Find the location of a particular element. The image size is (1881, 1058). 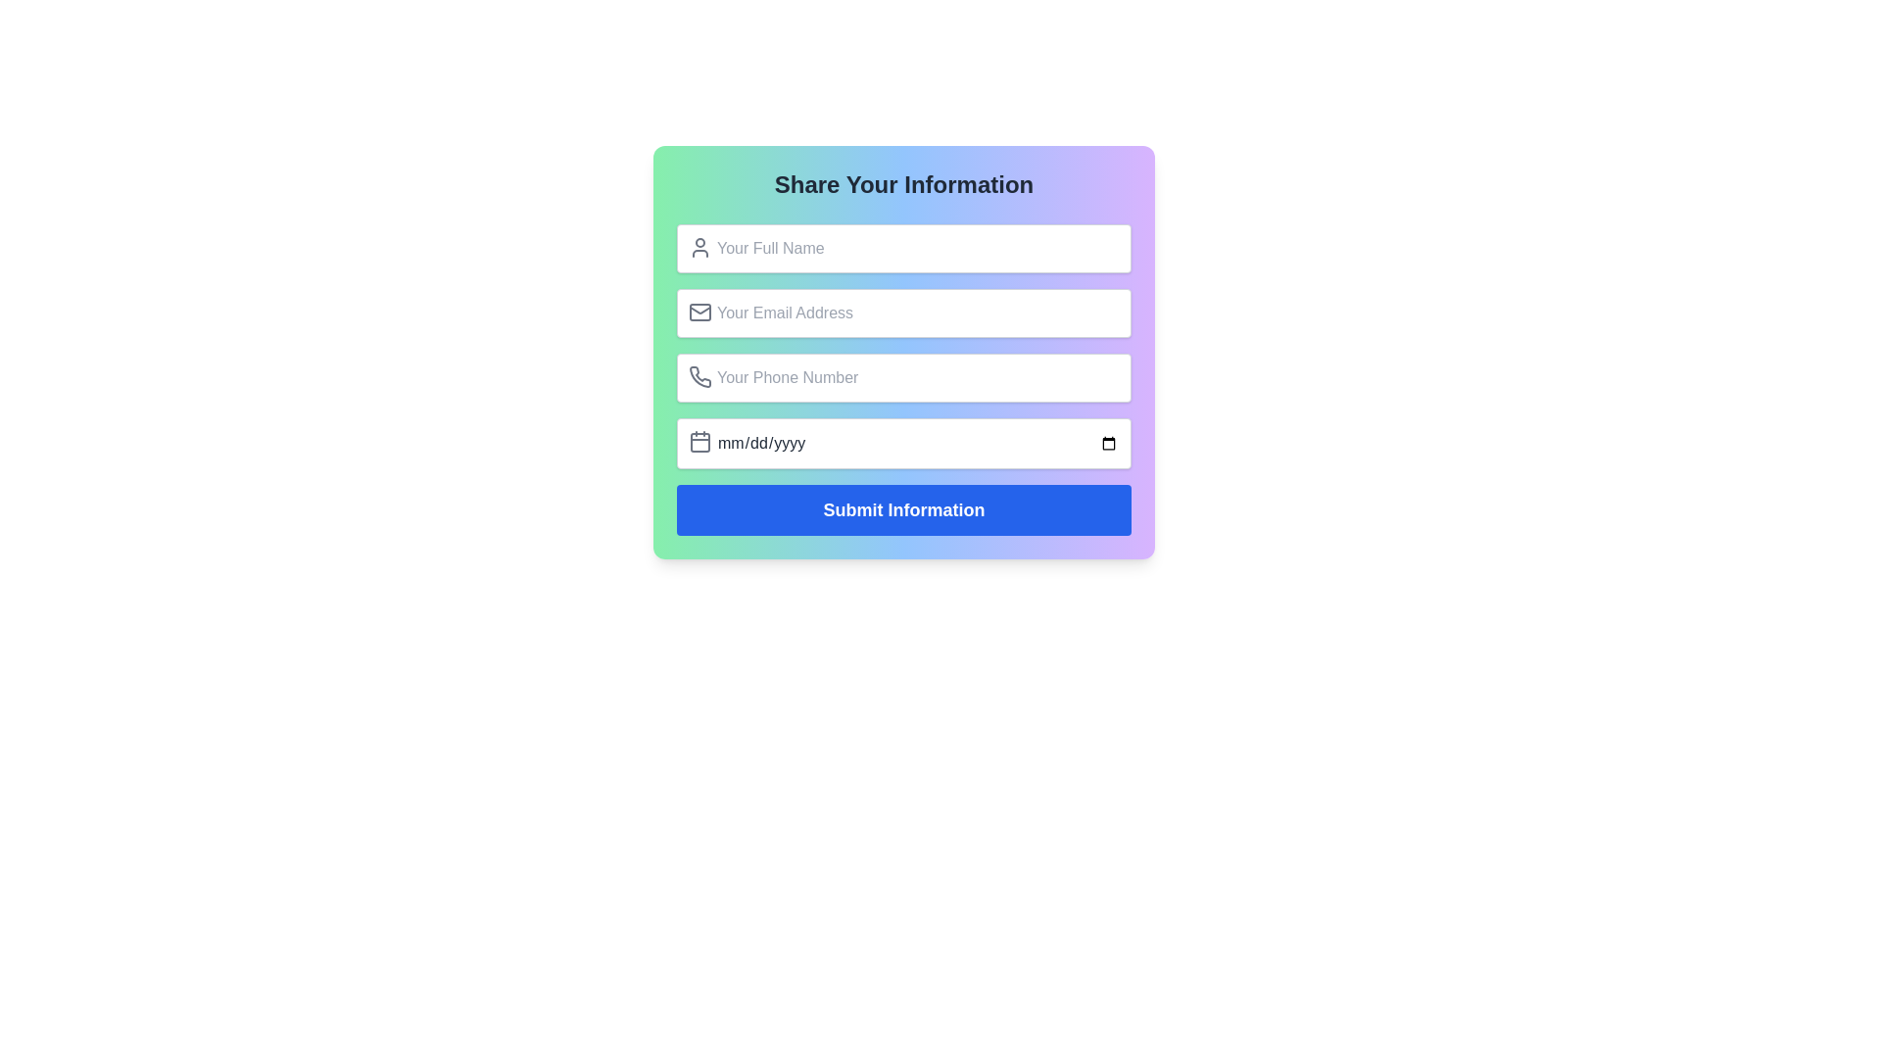

the phone number input field, which is the third input is located at coordinates (902, 377).